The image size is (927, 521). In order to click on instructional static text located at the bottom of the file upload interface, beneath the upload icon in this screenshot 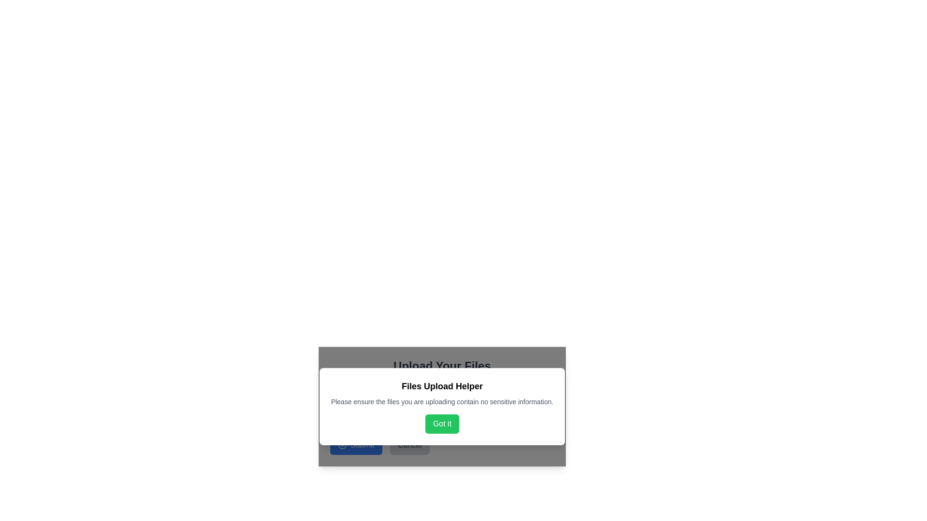, I will do `click(442, 414)`.